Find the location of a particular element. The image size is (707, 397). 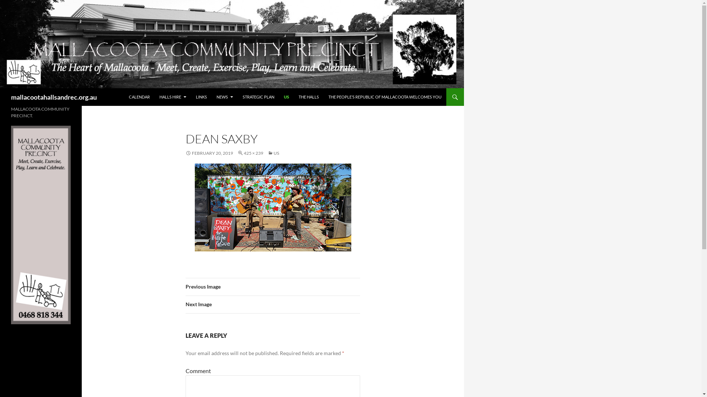

'HALLS HIRE' is located at coordinates (155, 96).